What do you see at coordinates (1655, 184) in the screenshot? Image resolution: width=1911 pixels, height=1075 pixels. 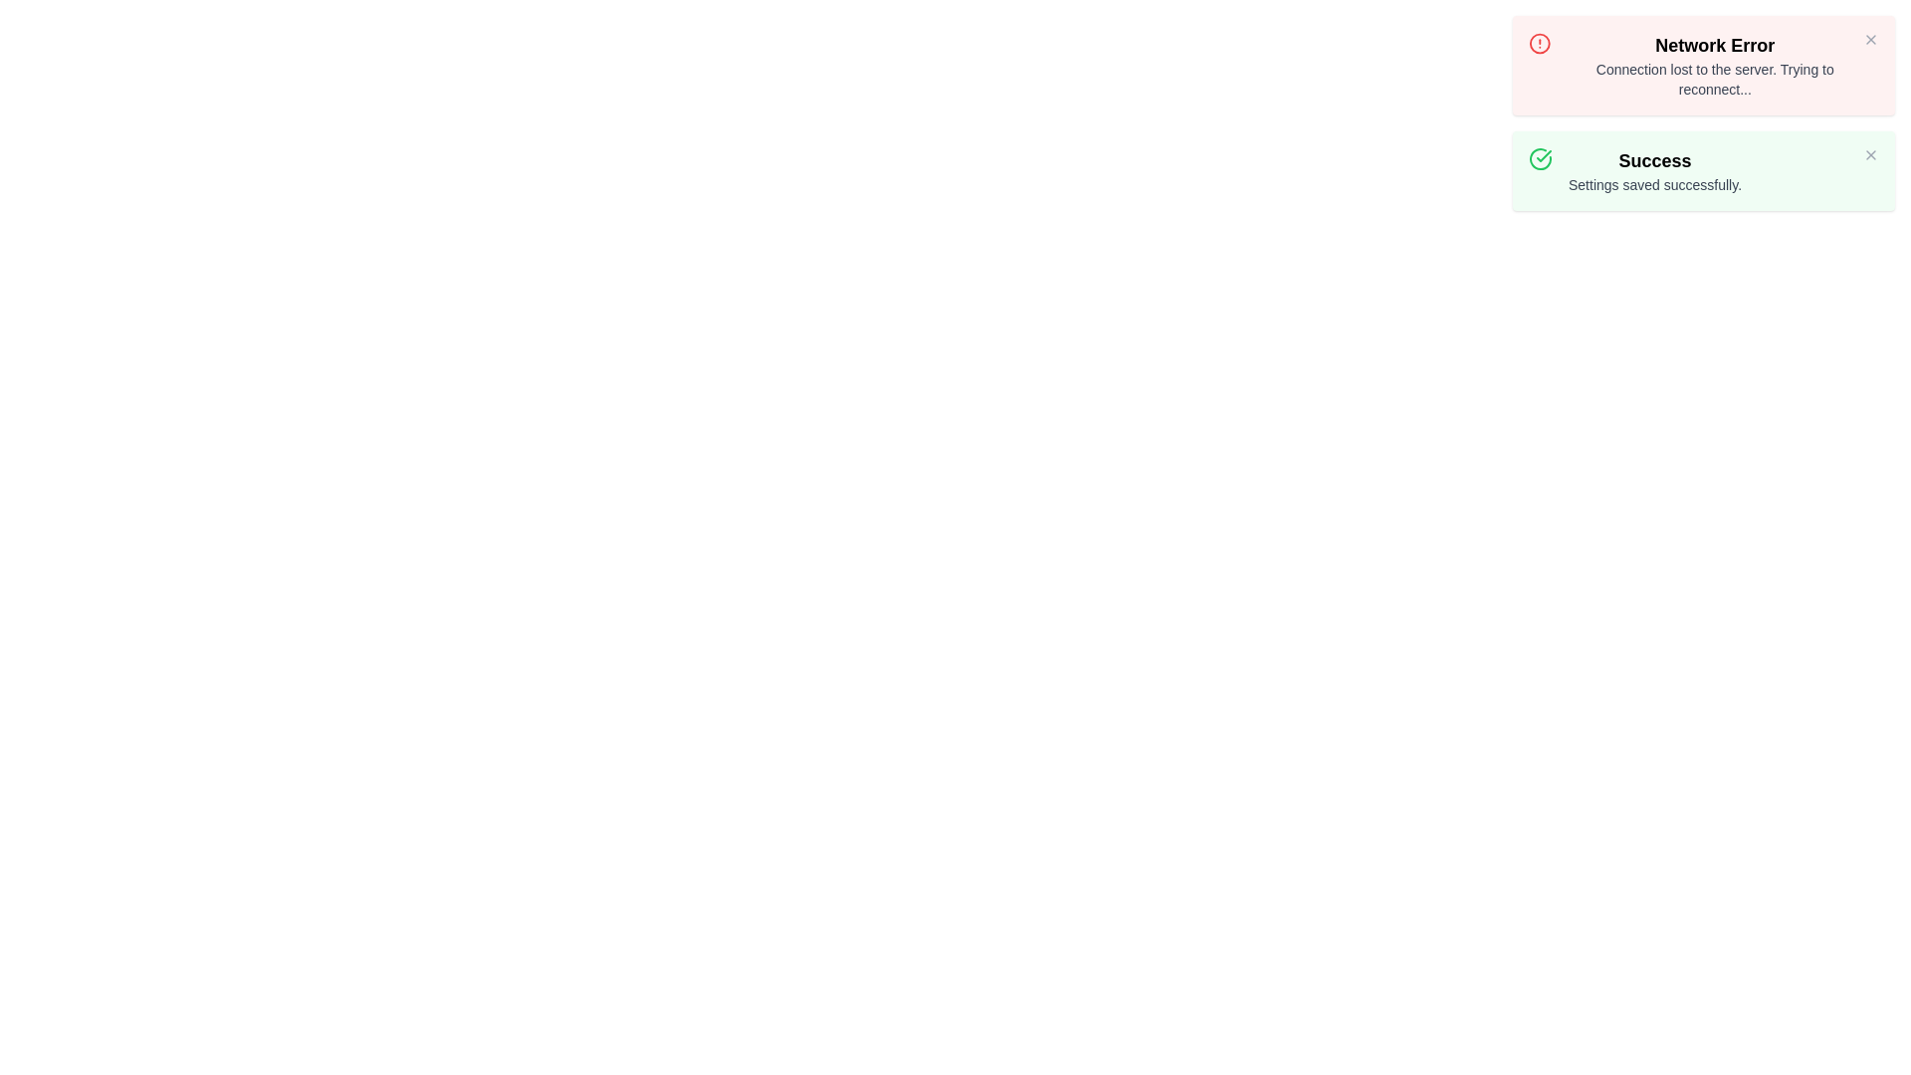 I see `the text label that reads 'Settings saved successfully.' located beneath the 'Success' heading in the notification interface` at bounding box center [1655, 184].